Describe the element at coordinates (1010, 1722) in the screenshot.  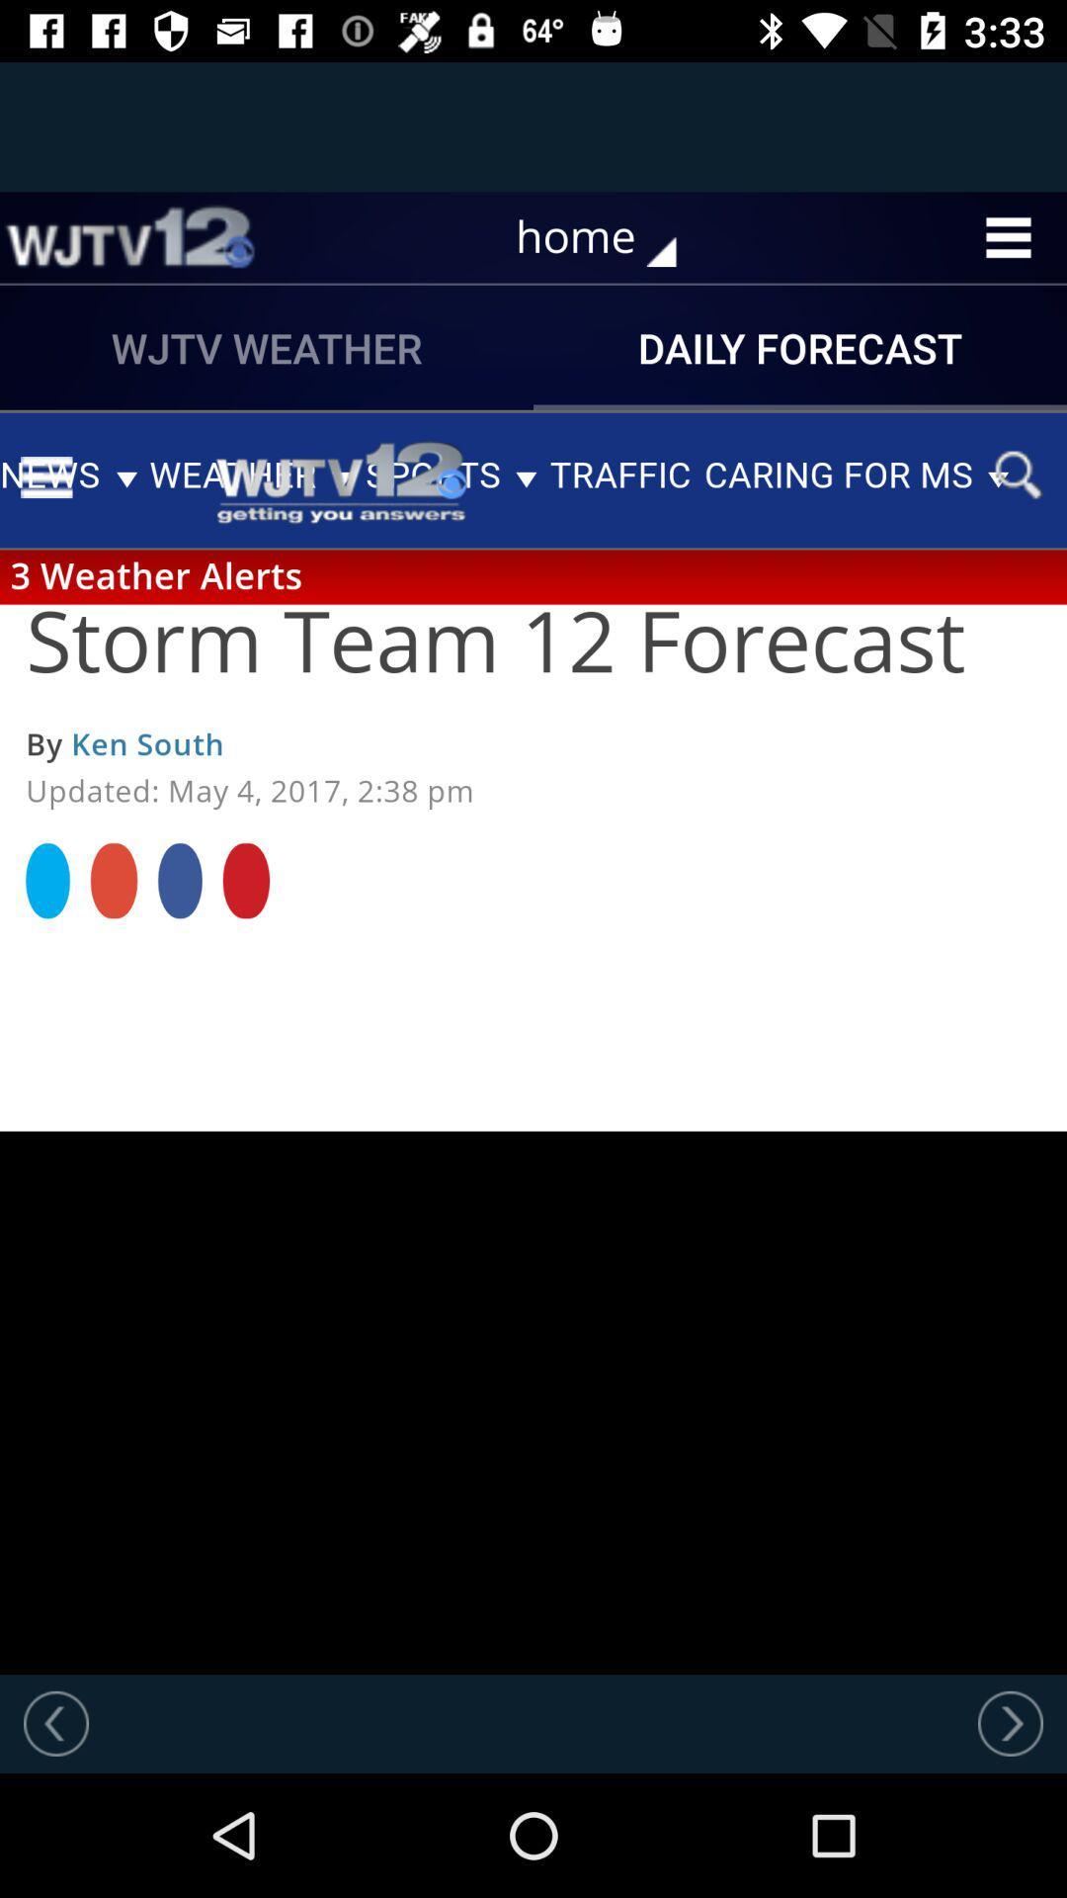
I see `next field` at that location.